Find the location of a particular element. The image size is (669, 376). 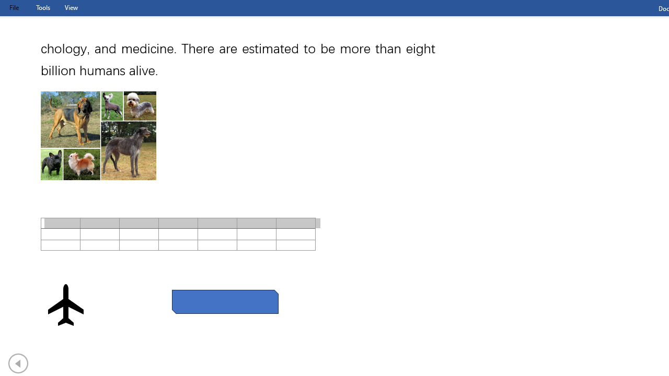

'Tools' is located at coordinates (42, 7).